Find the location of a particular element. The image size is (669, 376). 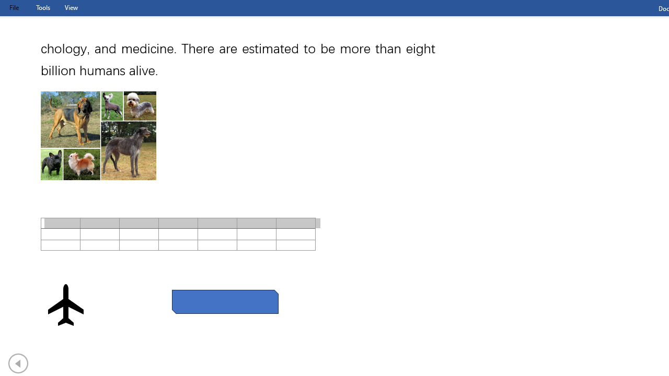

'Tools' is located at coordinates (42, 7).